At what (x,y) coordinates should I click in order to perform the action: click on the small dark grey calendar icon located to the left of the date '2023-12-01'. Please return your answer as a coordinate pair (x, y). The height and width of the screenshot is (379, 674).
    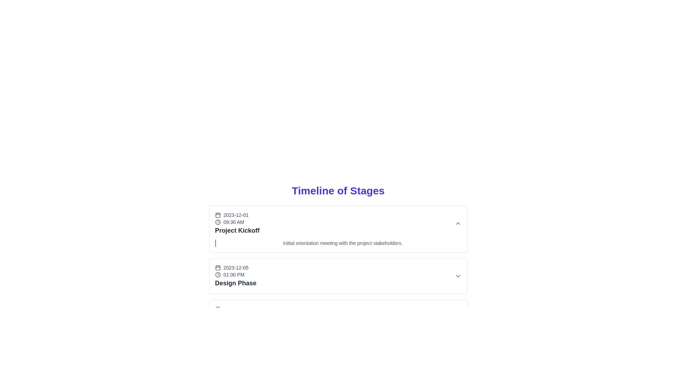
    Looking at the image, I should click on (217, 215).